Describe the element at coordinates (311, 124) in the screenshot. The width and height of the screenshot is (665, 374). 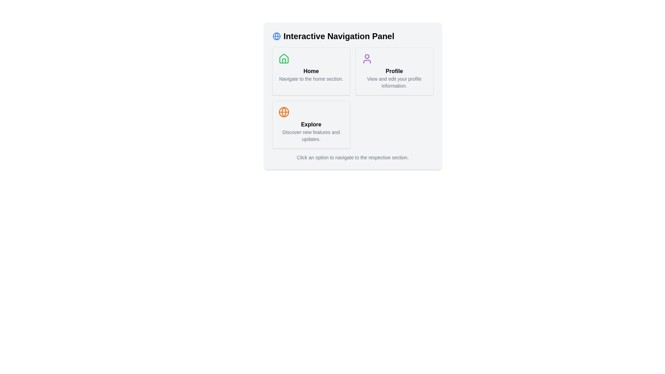
I see `the text element reading 'Explore'` at that location.